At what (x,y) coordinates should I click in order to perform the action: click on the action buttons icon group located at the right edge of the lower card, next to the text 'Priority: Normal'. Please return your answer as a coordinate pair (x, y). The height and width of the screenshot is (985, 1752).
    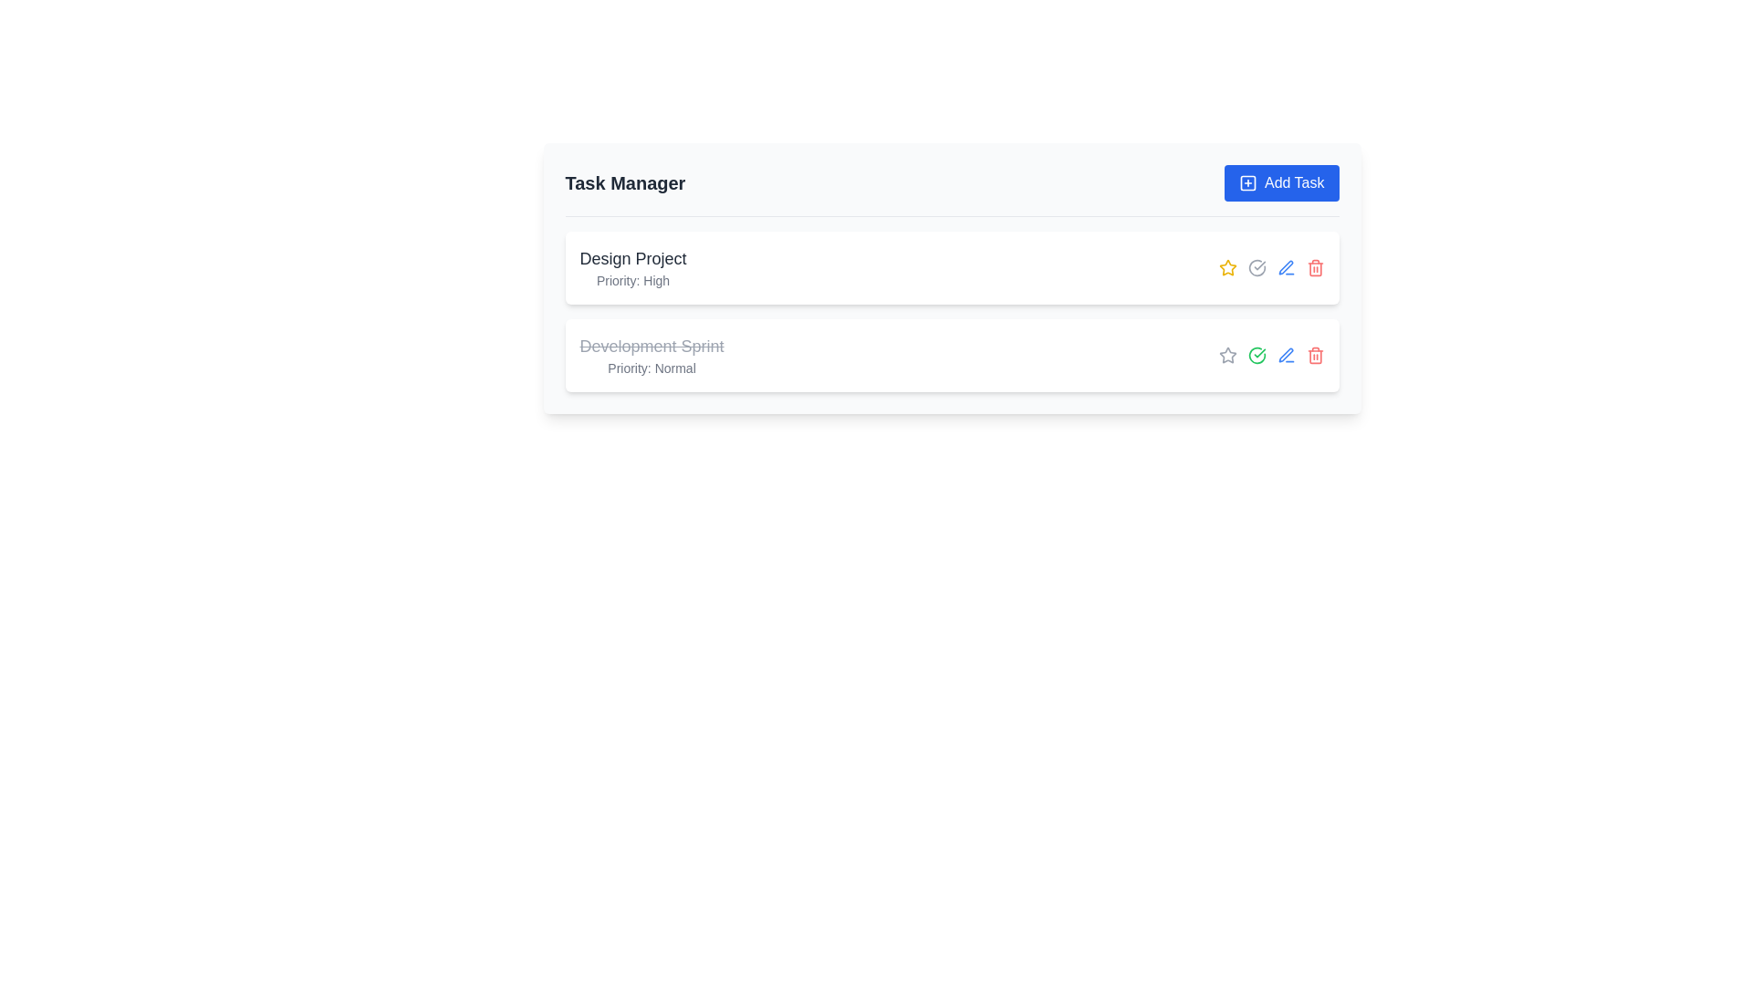
    Looking at the image, I should click on (1270, 355).